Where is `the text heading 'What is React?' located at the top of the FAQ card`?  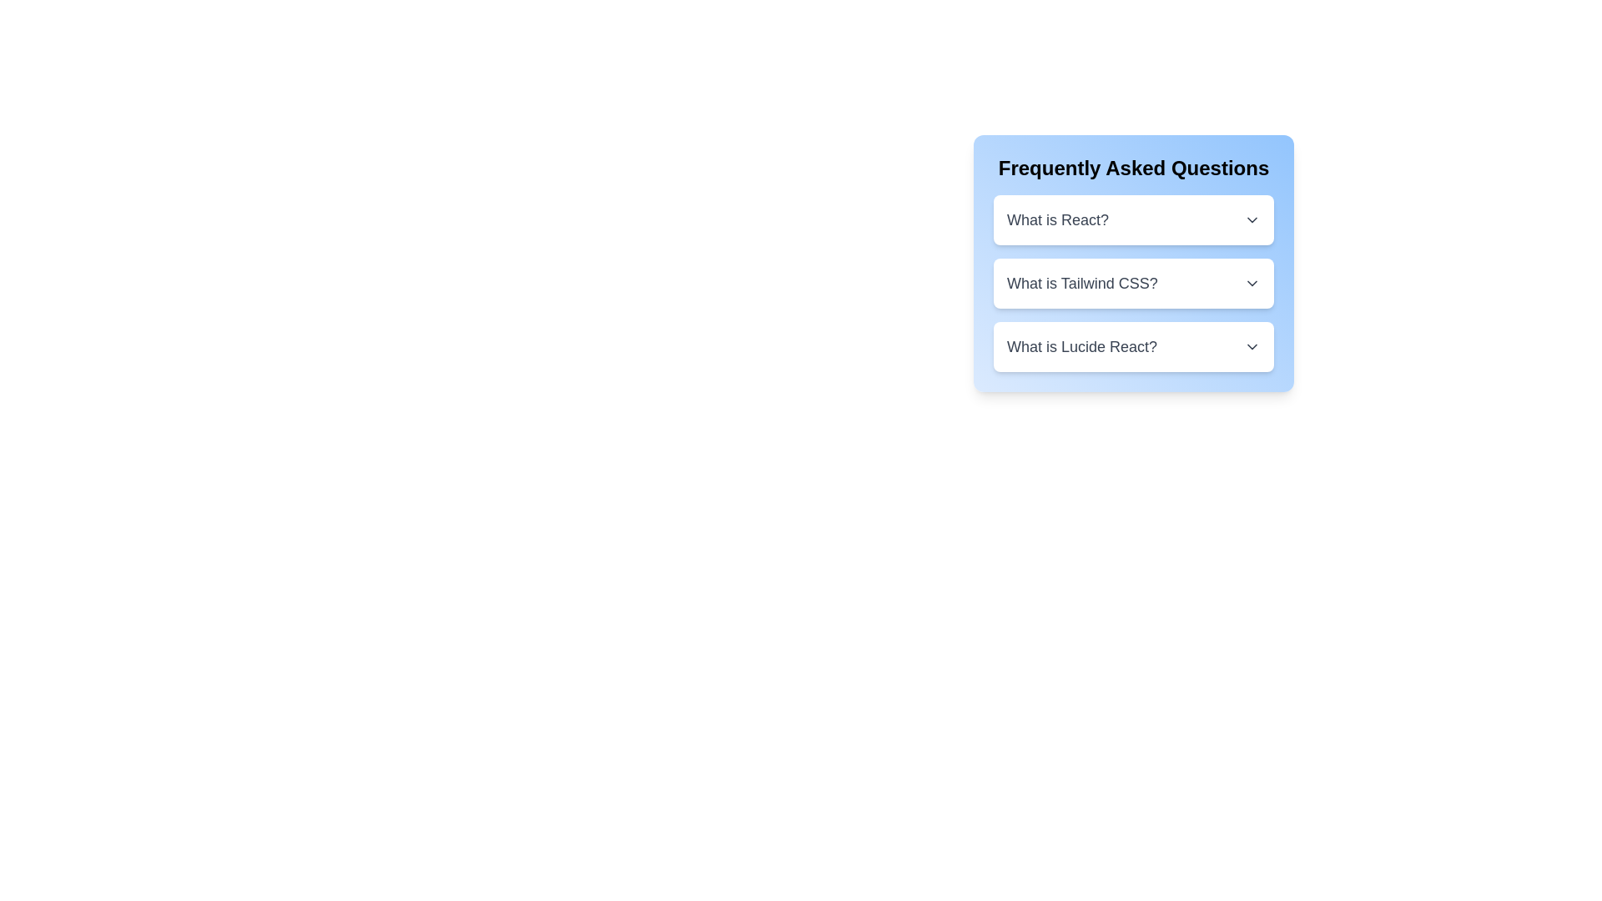 the text heading 'What is React?' located at the top of the FAQ card is located at coordinates (1056, 219).